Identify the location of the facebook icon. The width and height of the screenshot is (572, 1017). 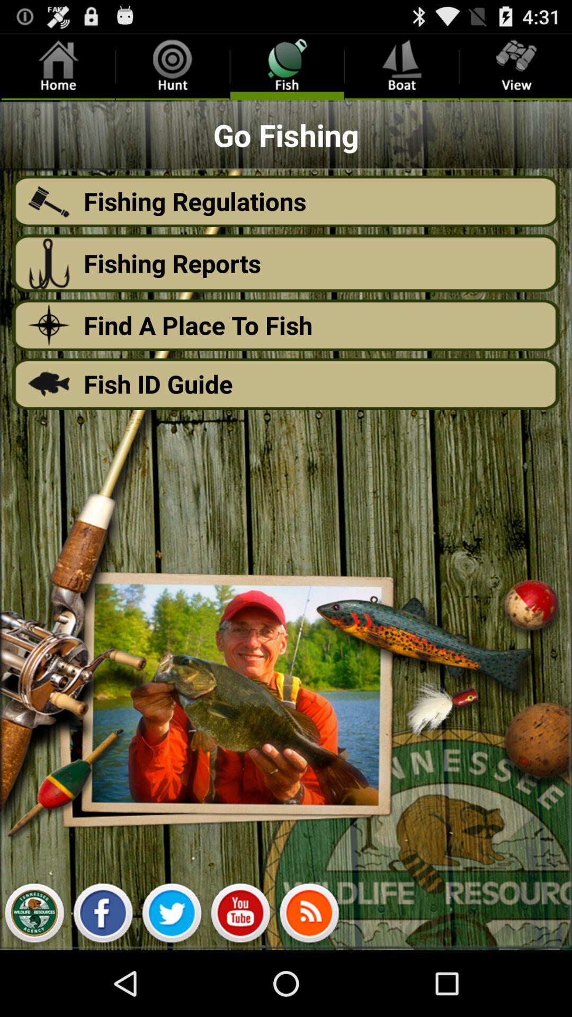
(103, 979).